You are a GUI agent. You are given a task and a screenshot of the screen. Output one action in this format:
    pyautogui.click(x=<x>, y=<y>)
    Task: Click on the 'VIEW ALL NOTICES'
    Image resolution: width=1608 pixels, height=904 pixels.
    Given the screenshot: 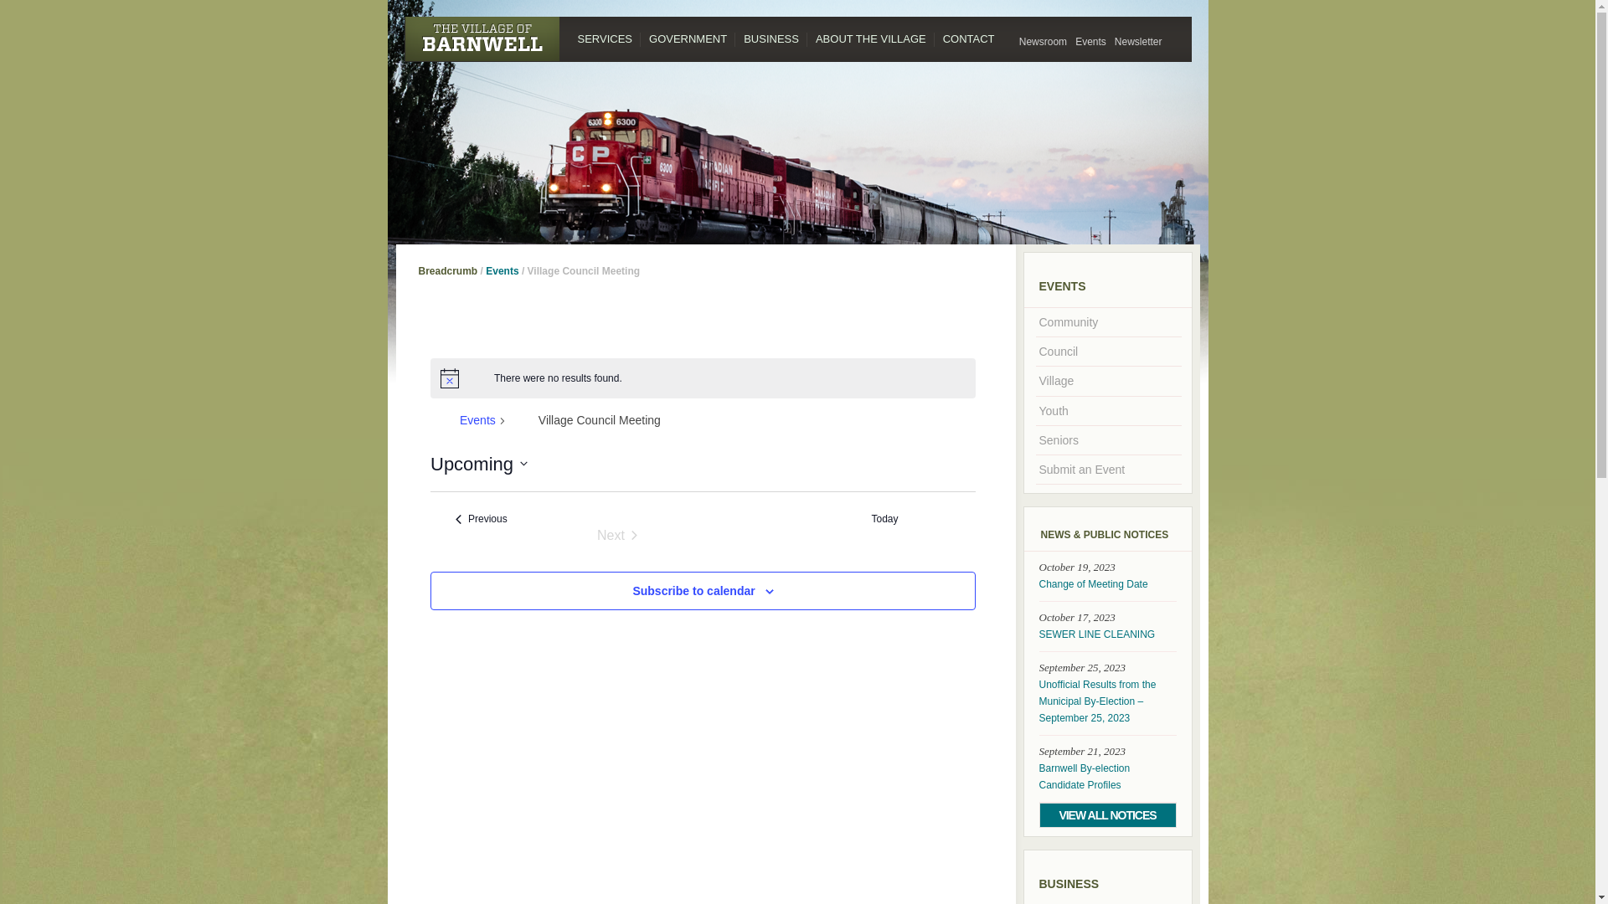 What is the action you would take?
    pyautogui.click(x=1106, y=814)
    